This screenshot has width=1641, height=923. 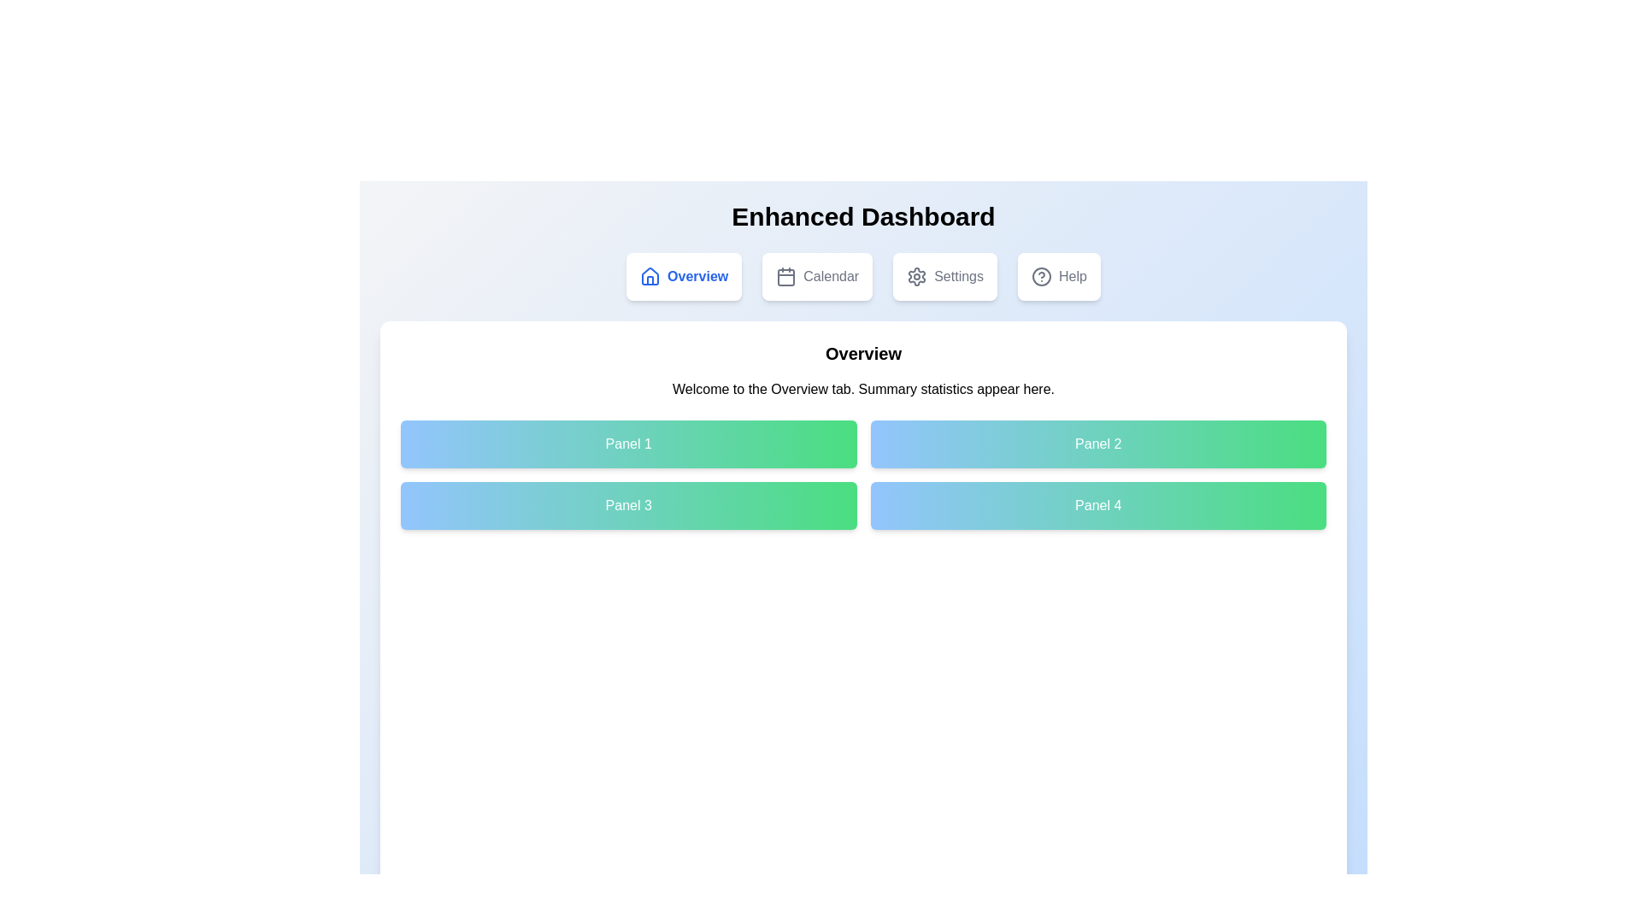 I want to click on the Overview tab to explore its content, so click(x=684, y=276).